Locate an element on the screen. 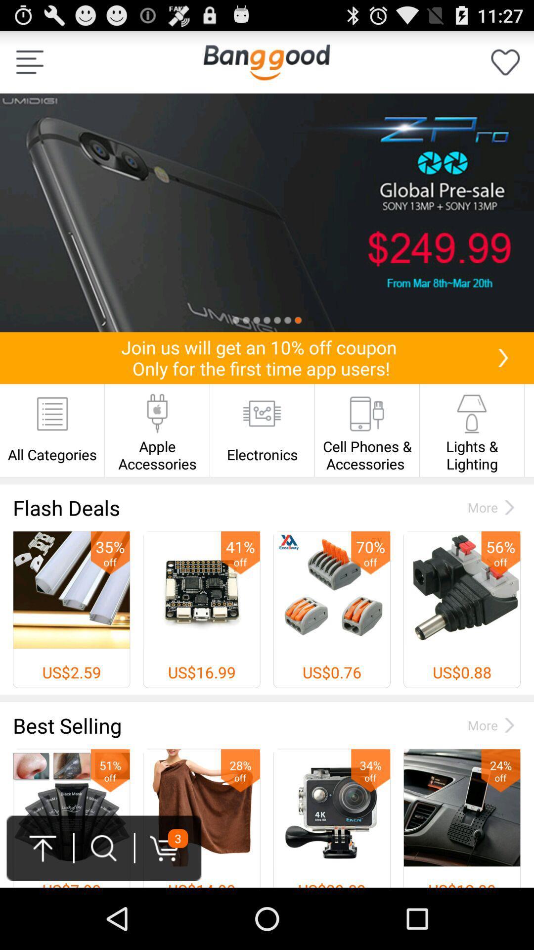 This screenshot has height=950, width=534. the icon above apple accessories is located at coordinates (156, 413).